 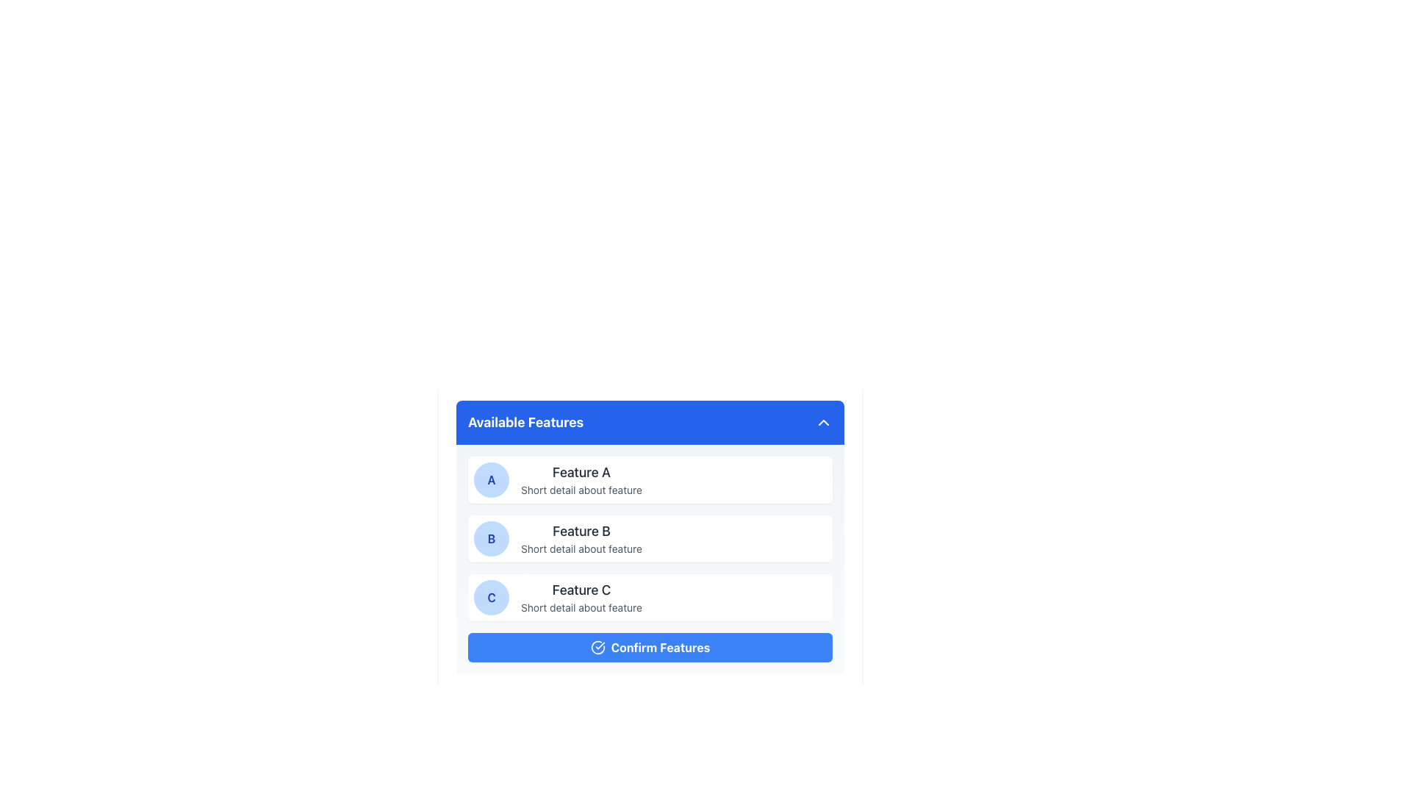 I want to click on the 'Feature B' list item in the 'Available Features' panel, so click(x=649, y=537).